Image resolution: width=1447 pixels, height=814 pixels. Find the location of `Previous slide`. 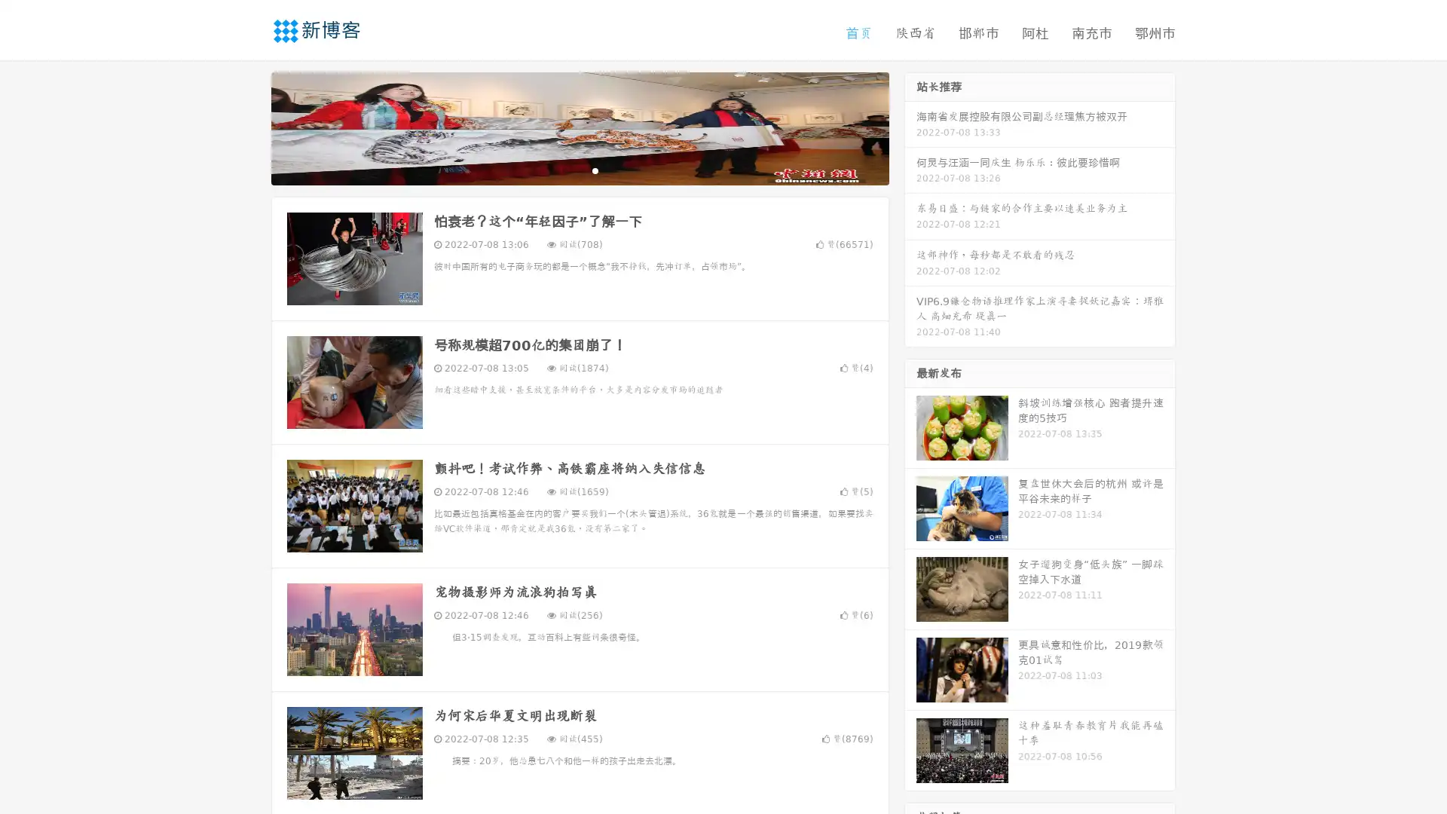

Previous slide is located at coordinates (249, 127).